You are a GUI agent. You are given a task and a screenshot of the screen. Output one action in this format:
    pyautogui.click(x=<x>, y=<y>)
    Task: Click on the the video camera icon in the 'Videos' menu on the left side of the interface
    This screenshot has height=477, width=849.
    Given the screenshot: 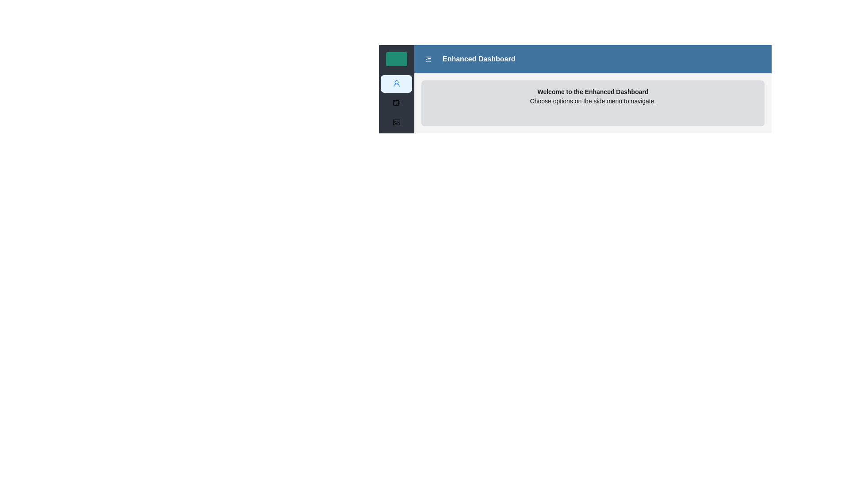 What is the action you would take?
    pyautogui.click(x=396, y=102)
    